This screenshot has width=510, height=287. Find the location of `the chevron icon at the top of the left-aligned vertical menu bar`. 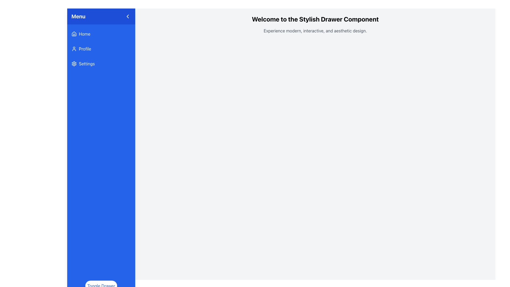

the chevron icon at the top of the left-aligned vertical menu bar is located at coordinates (127, 16).